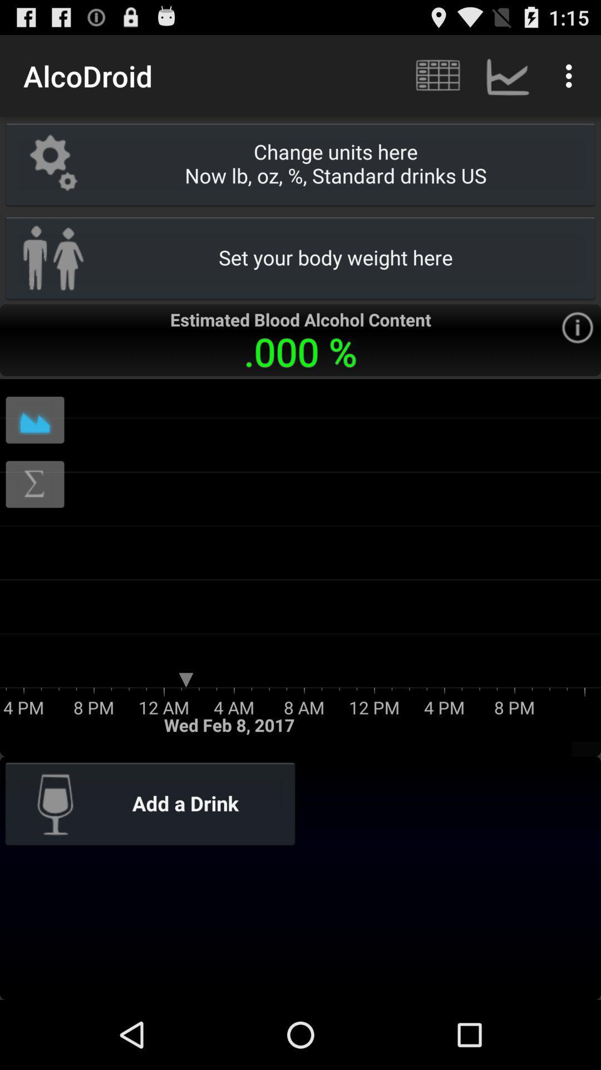  Describe the element at coordinates (577, 350) in the screenshot. I see `the info icon` at that location.